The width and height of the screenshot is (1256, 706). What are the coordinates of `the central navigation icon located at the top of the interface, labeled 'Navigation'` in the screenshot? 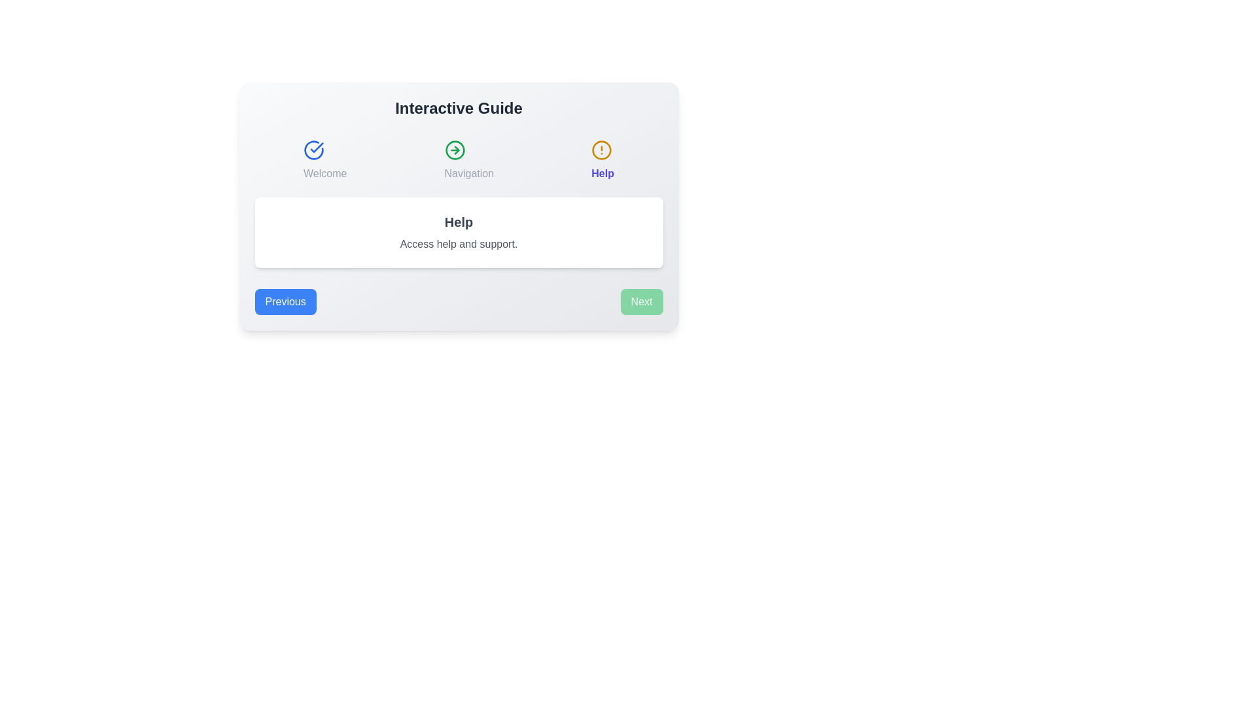 It's located at (455, 150).